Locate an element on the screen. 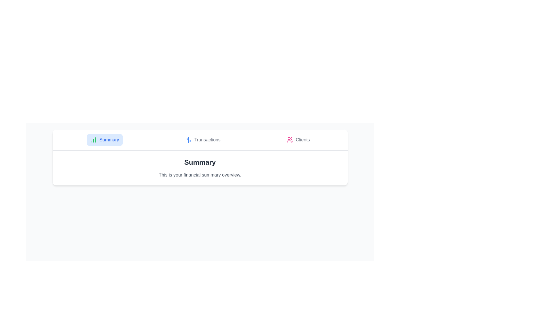  the Clients tab by clicking on it is located at coordinates (298, 140).